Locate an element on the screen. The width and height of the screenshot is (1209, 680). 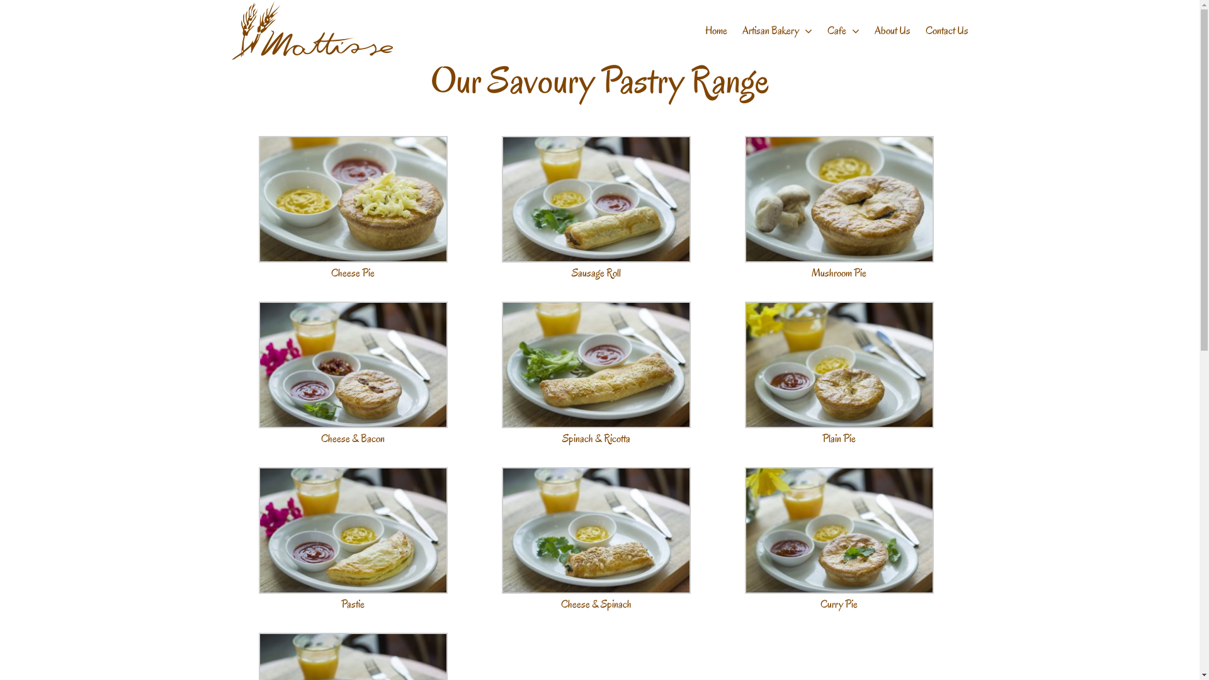
'Contact Us' is located at coordinates (946, 30).